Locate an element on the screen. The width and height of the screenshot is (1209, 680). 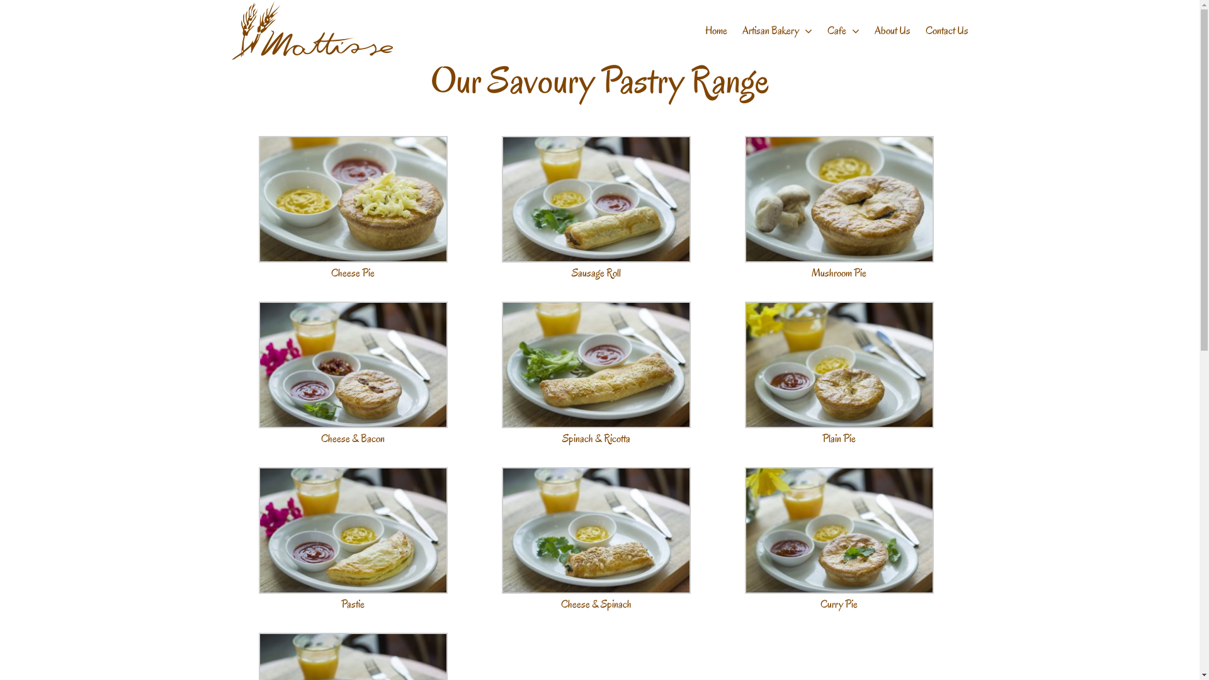
'Contact Us' is located at coordinates (946, 30).